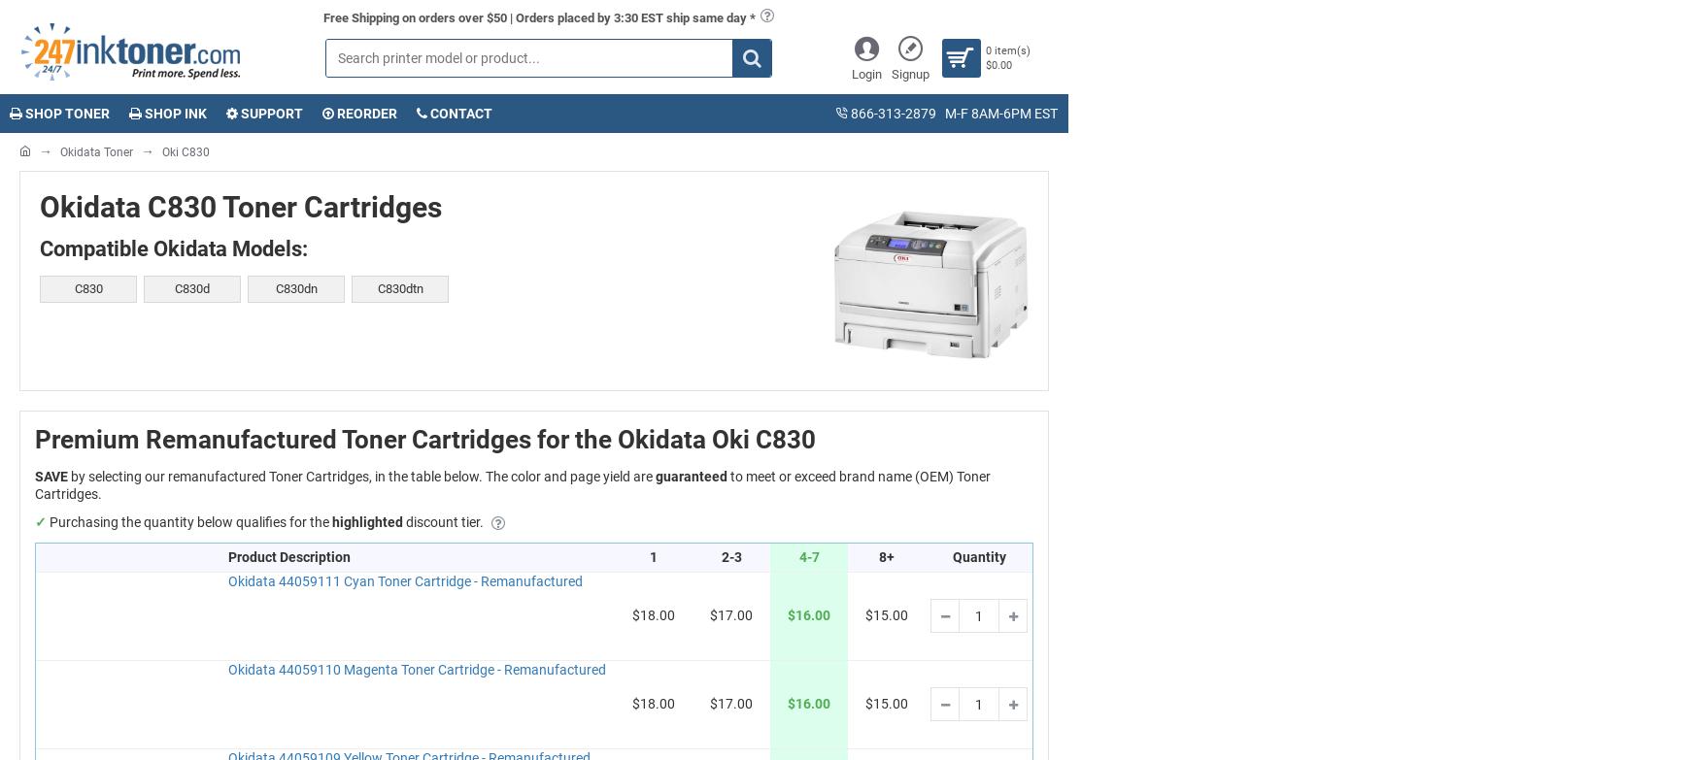  What do you see at coordinates (909, 74) in the screenshot?
I see `'Signup'` at bounding box center [909, 74].